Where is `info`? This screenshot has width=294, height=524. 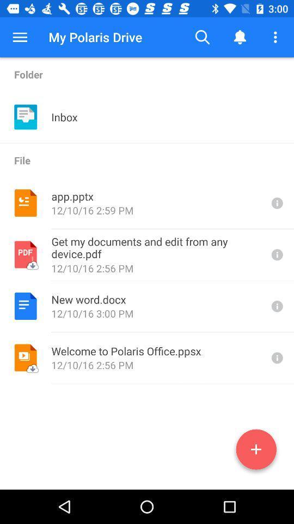 info is located at coordinates (256, 451).